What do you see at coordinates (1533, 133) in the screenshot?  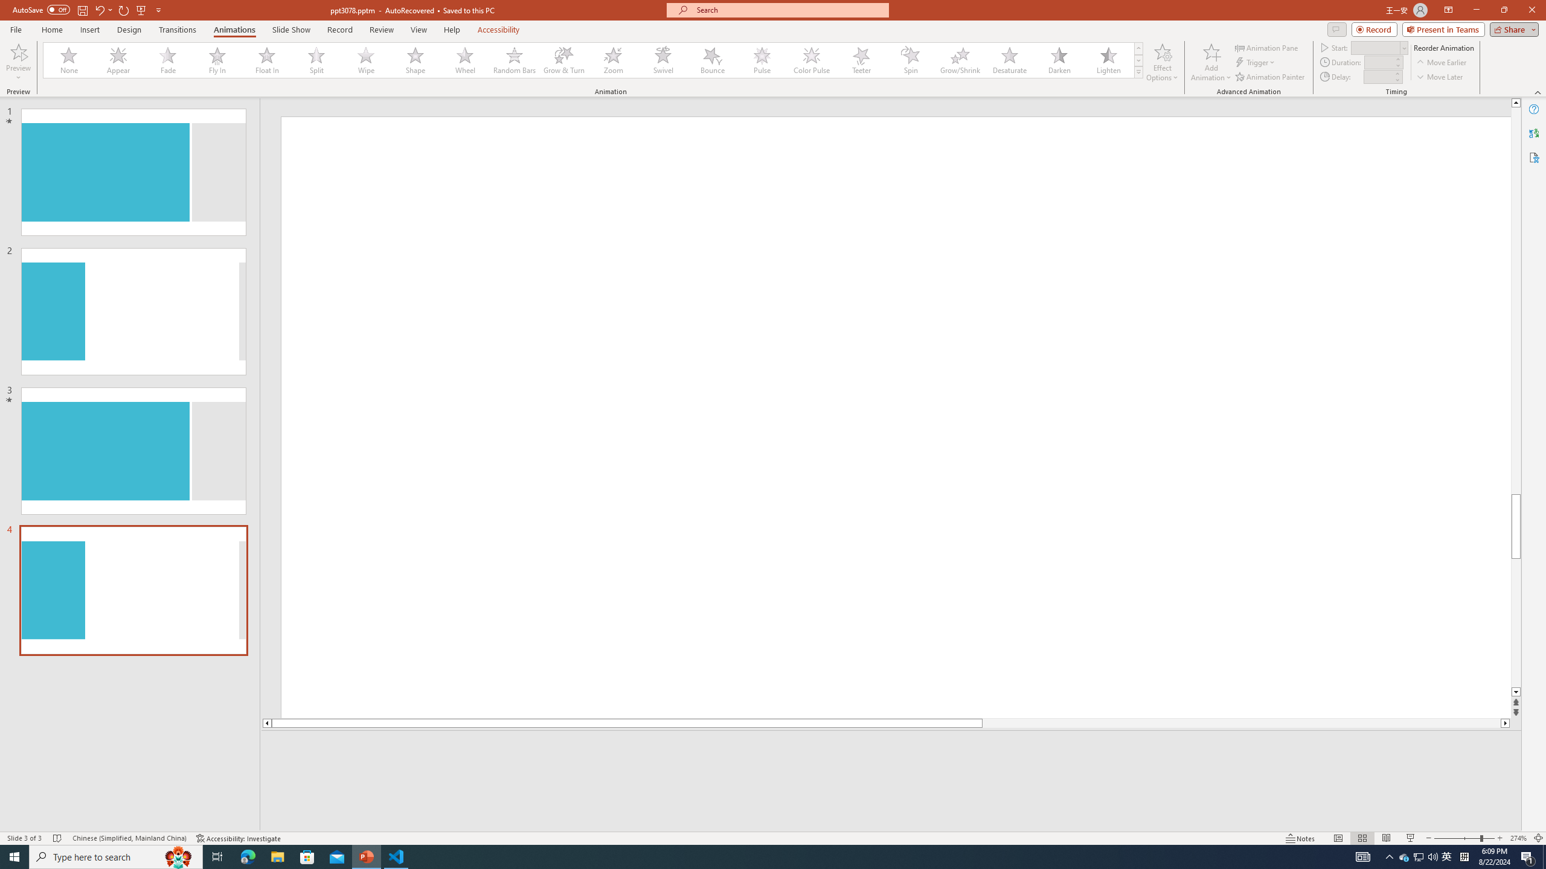 I see `'Translator'` at bounding box center [1533, 133].